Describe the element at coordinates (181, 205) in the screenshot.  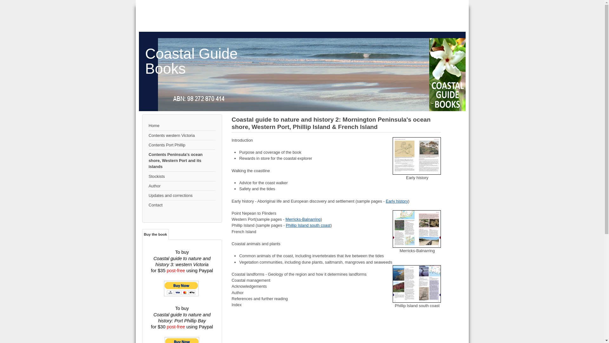
I see `'Contact'` at that location.